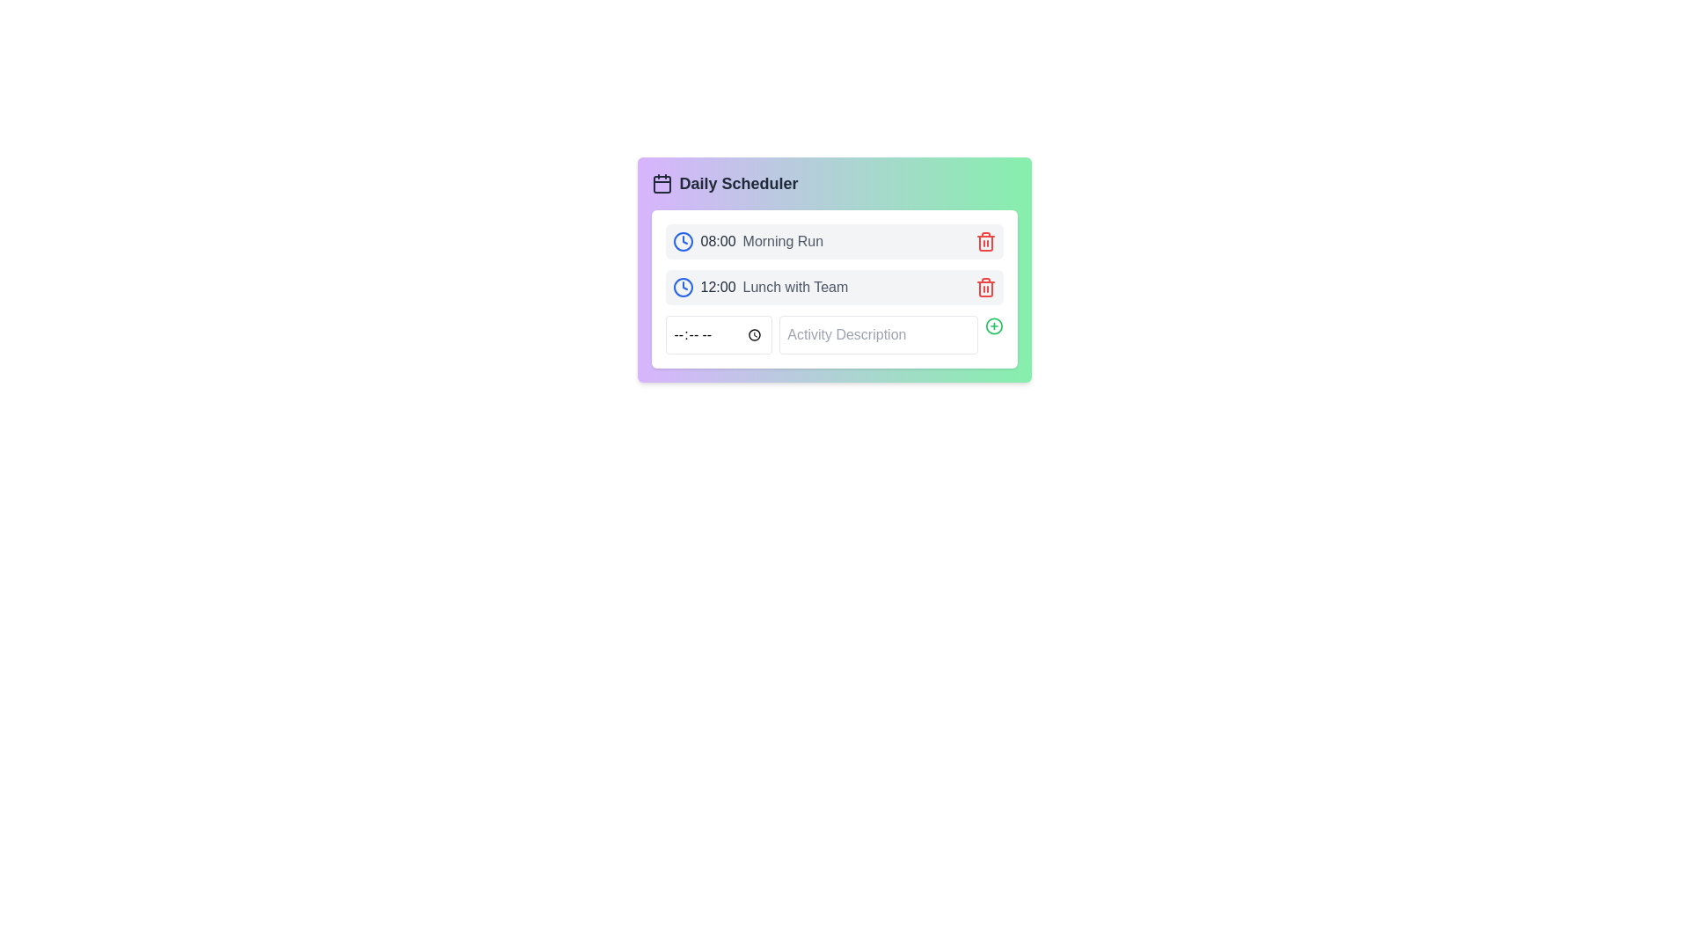 The image size is (1689, 950). Describe the element at coordinates (682, 241) in the screenshot. I see `the decorative SVG element representing the circular outer border of the clock icon located in the 'Daily Scheduler' card, which is to the left of the text '12:00 Lunch with Team'` at that location.